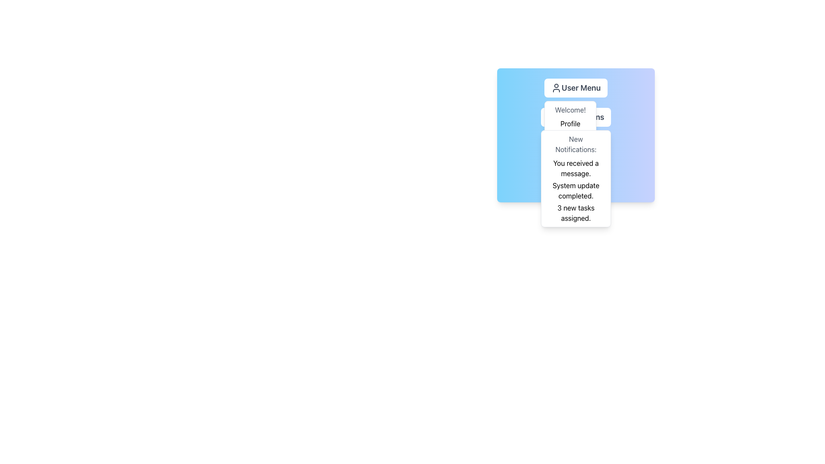  What do you see at coordinates (576, 190) in the screenshot?
I see `the static text displaying 'System update completed.' which is the second item in the notifications list` at bounding box center [576, 190].